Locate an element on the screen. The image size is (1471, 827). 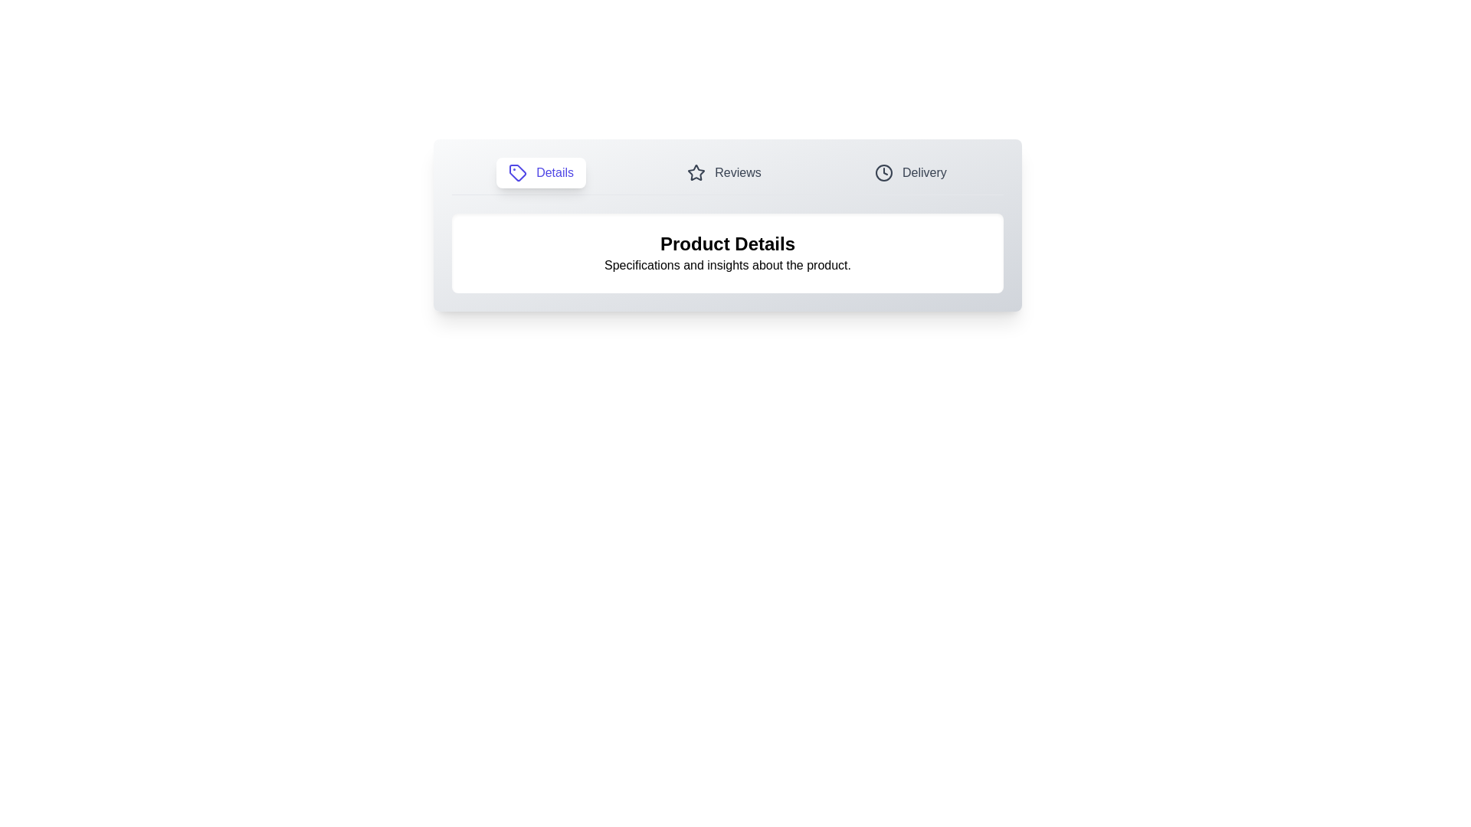
the tab labeled Delivery to observe the hover effect is located at coordinates (910, 172).